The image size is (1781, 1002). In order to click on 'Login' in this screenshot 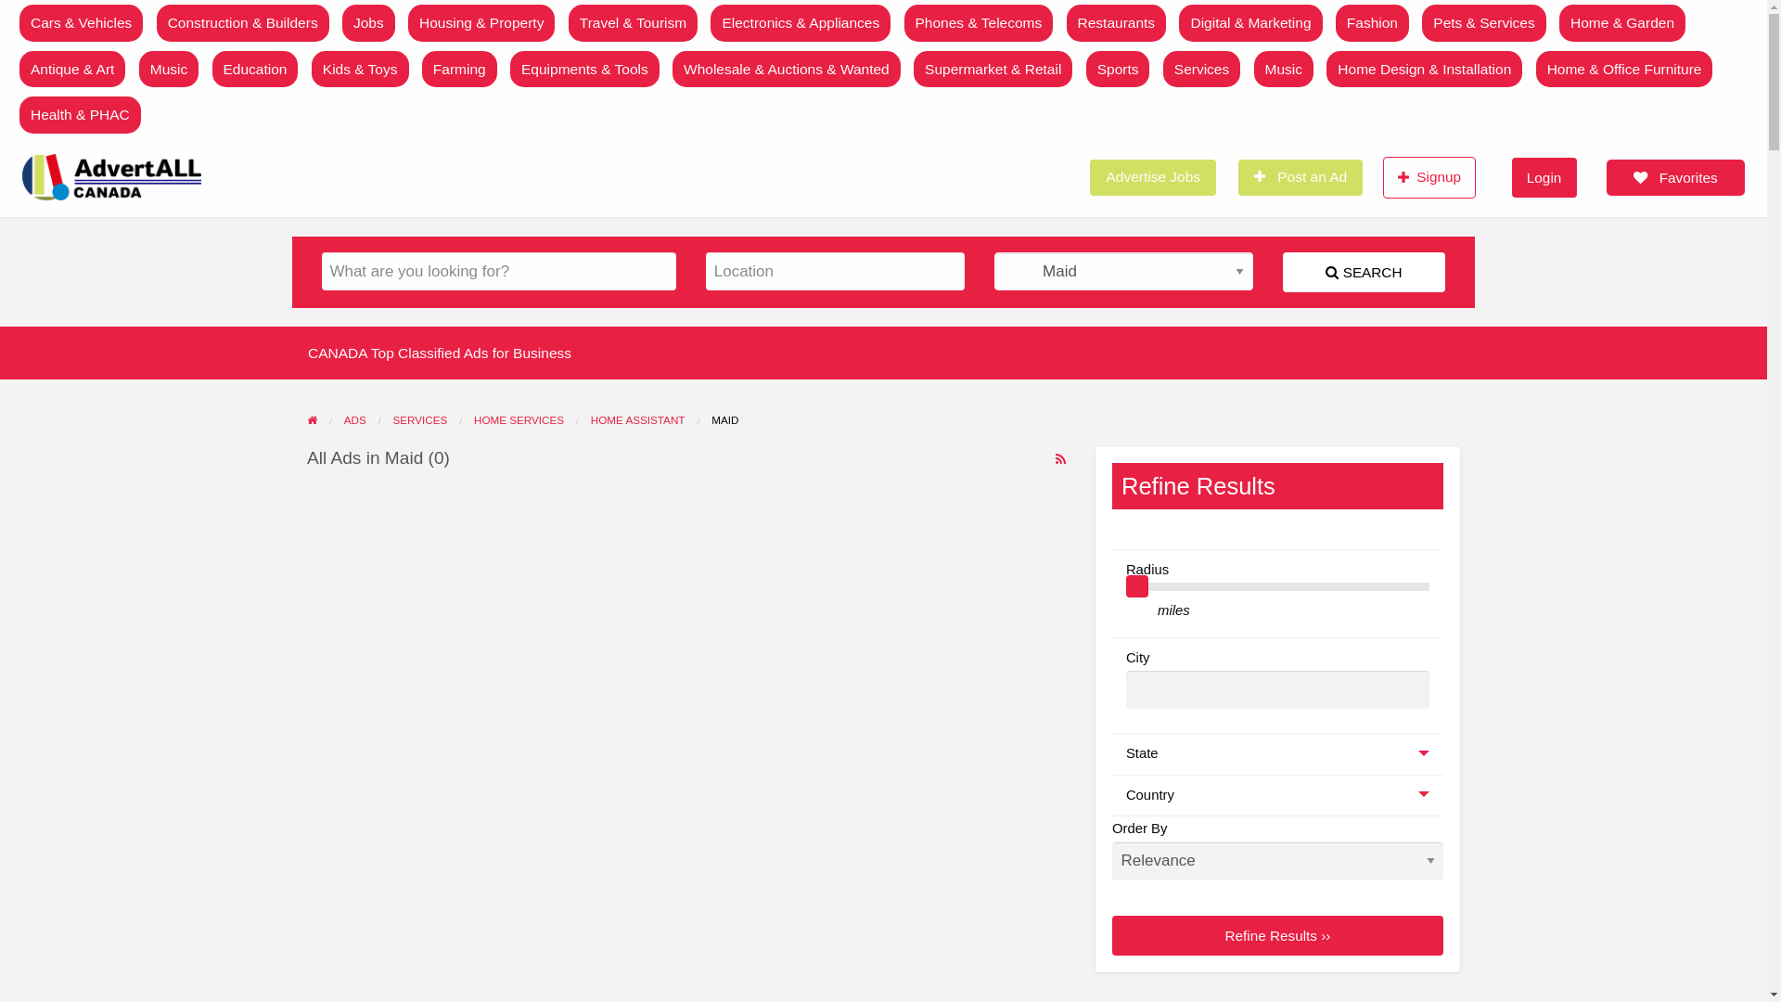, I will do `click(1512, 177)`.